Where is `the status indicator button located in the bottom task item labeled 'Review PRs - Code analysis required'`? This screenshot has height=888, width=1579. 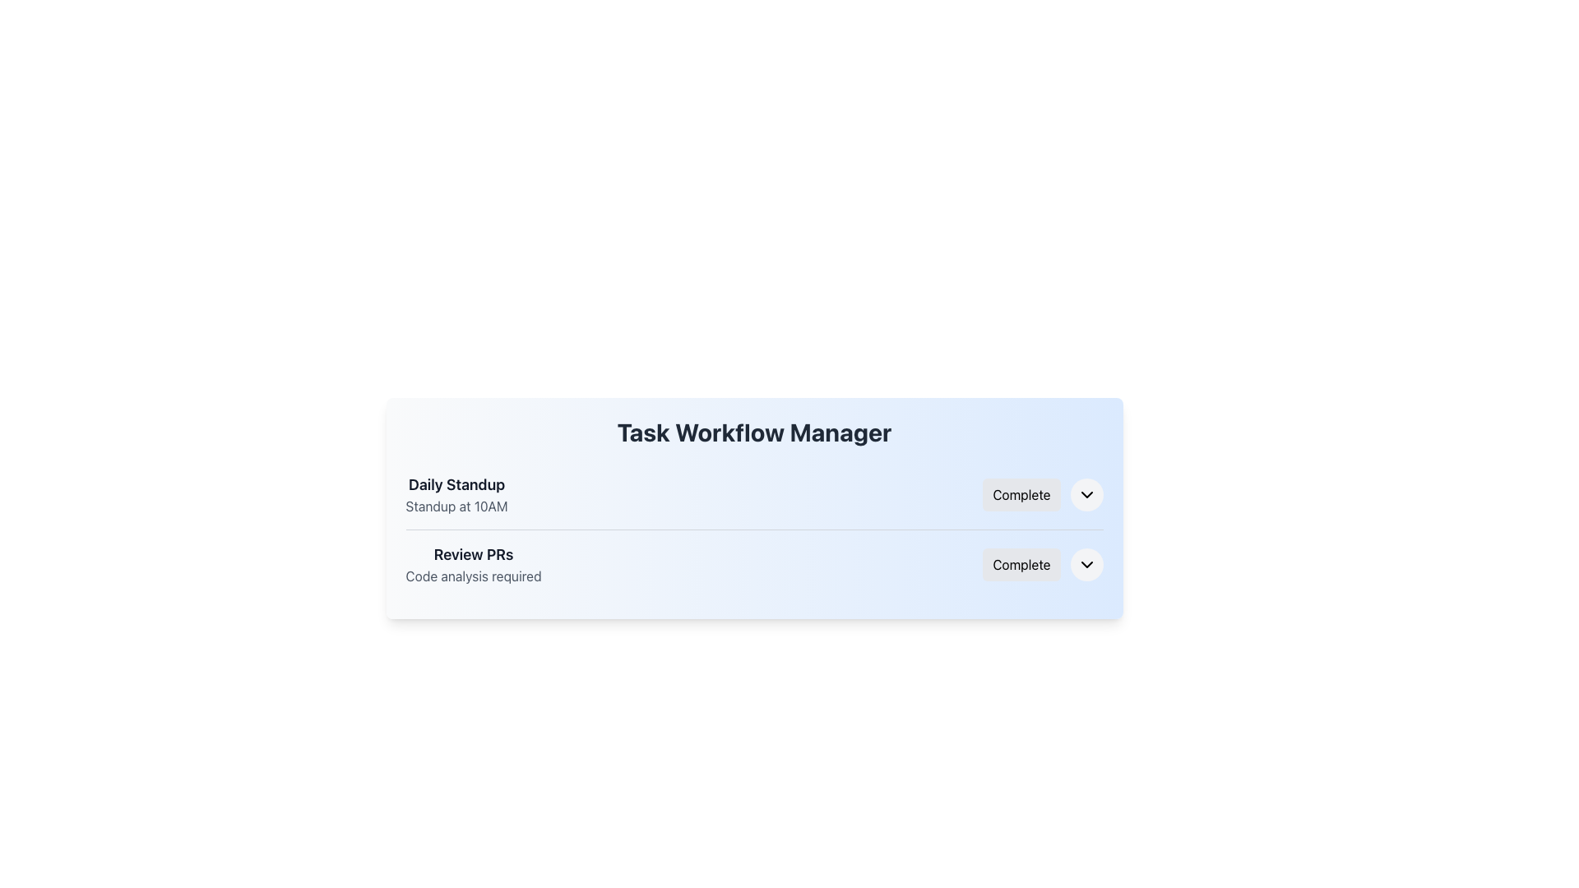
the status indicator button located in the bottom task item labeled 'Review PRs - Code analysis required' is located at coordinates (1021, 563).